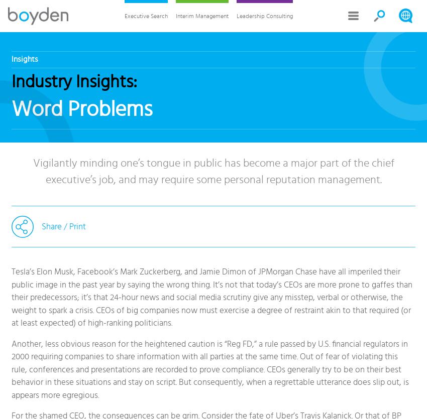 The width and height of the screenshot is (427, 419). I want to click on 'Industry Insights', so click(72, 81).